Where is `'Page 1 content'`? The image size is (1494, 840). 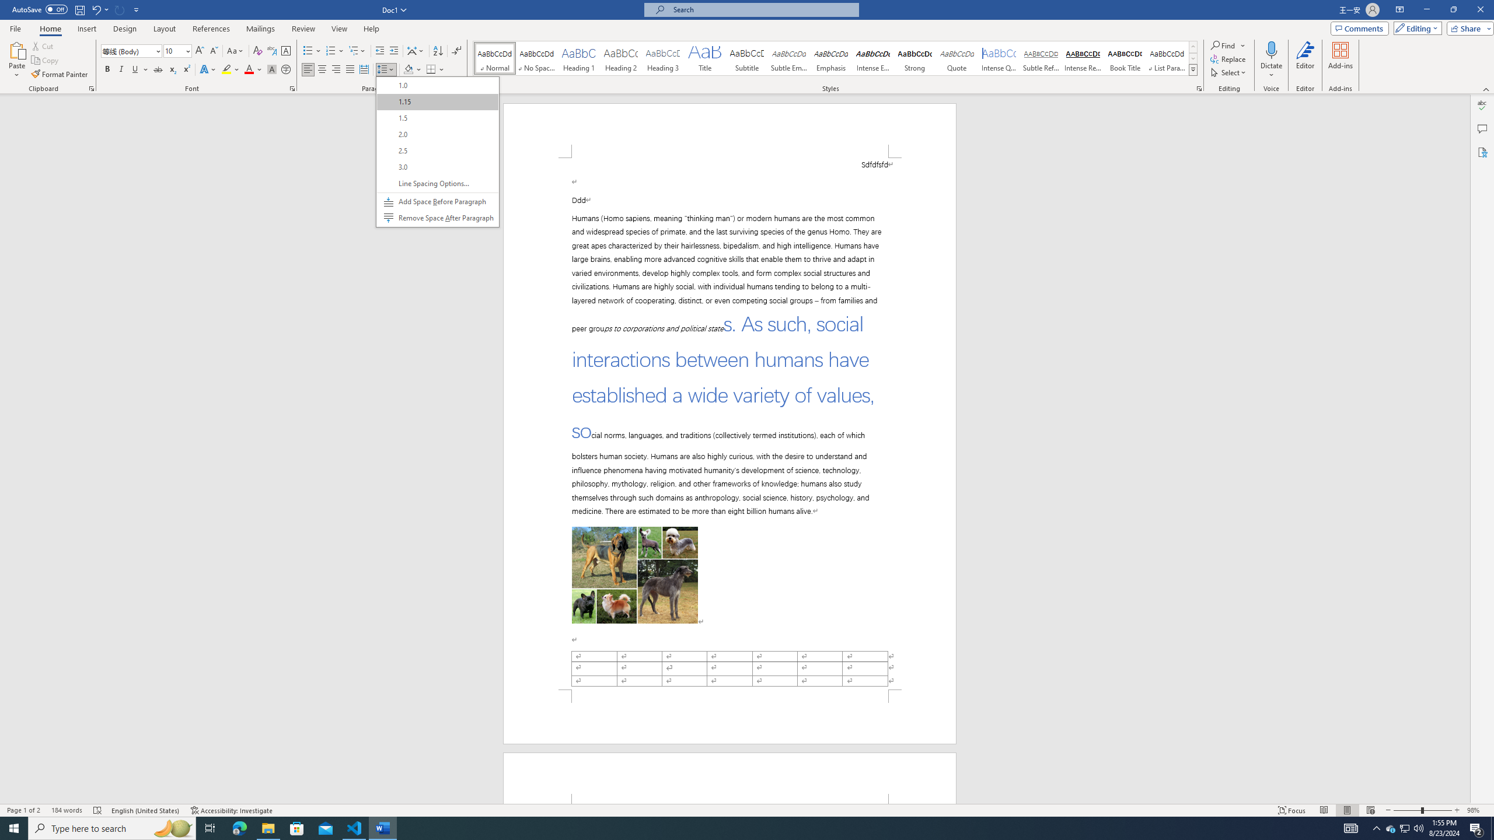
'Page 1 content' is located at coordinates (729, 423).